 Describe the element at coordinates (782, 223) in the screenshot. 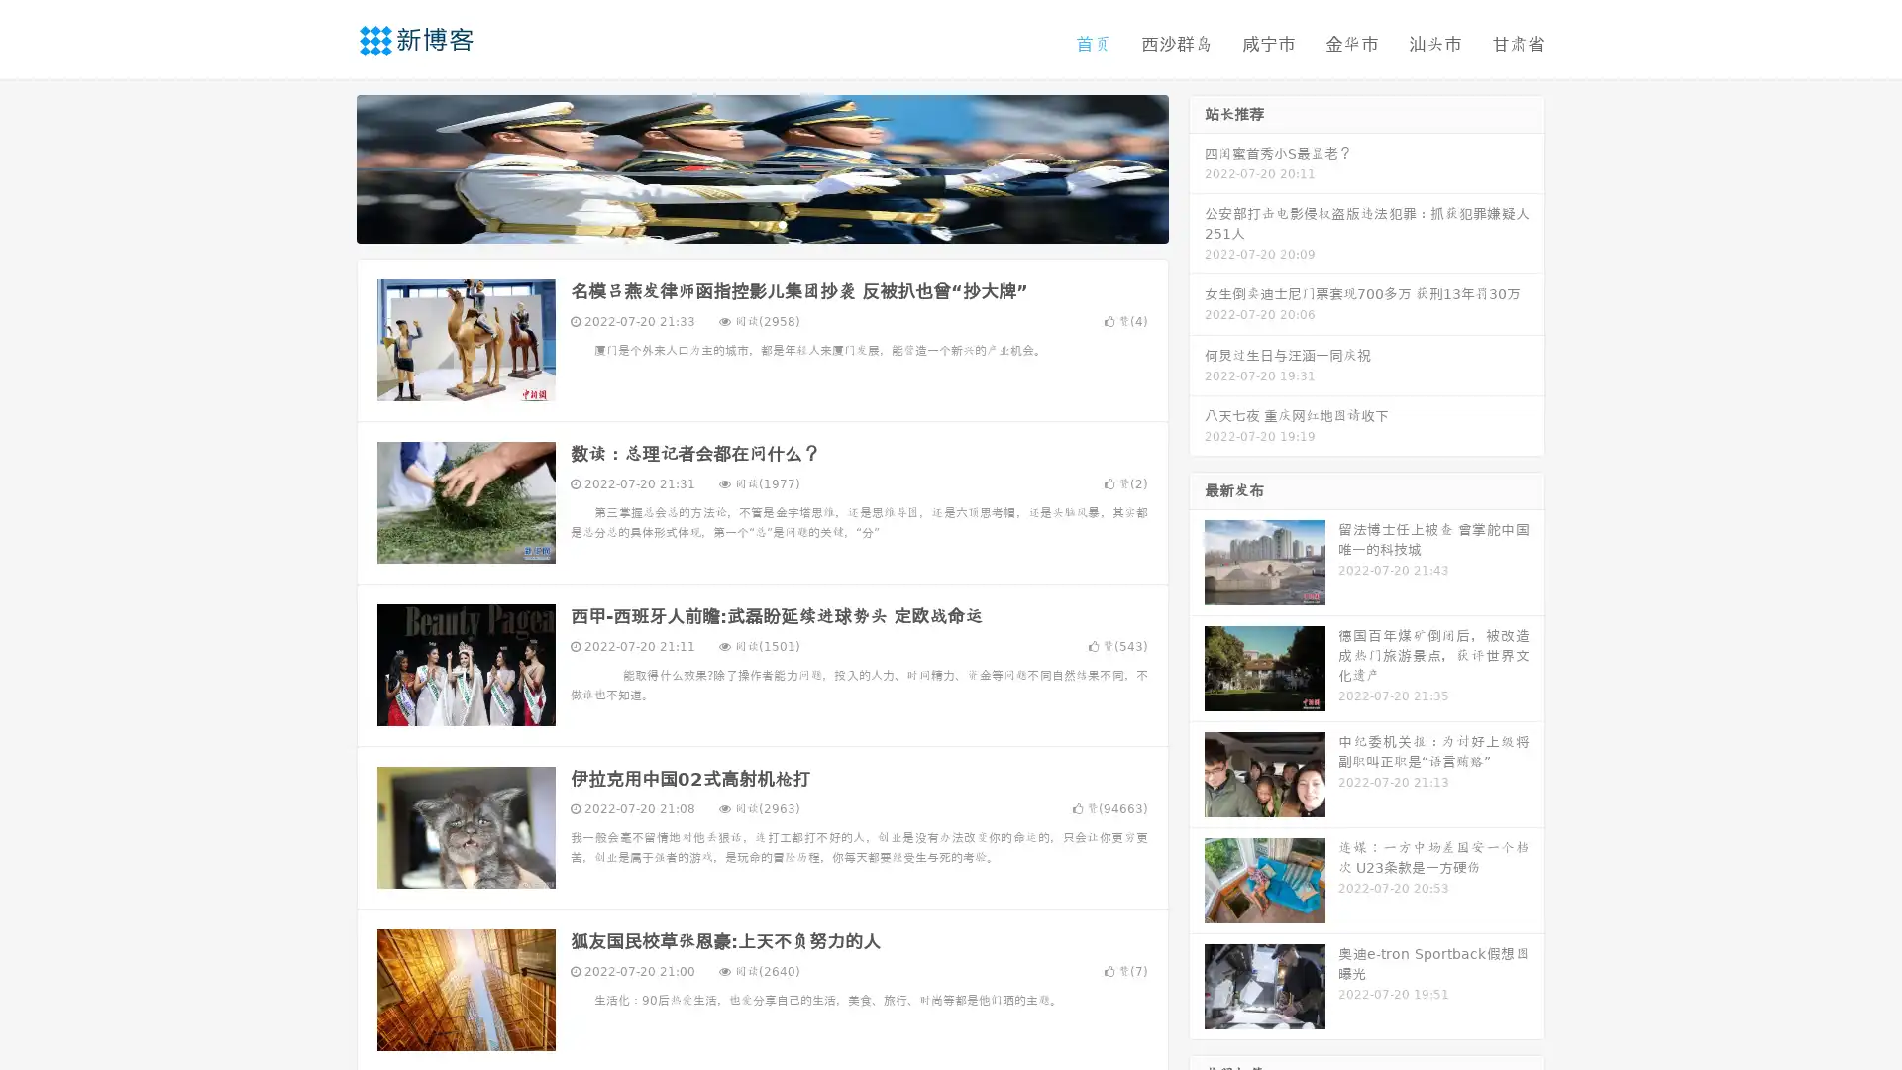

I see `Go to slide 3` at that location.